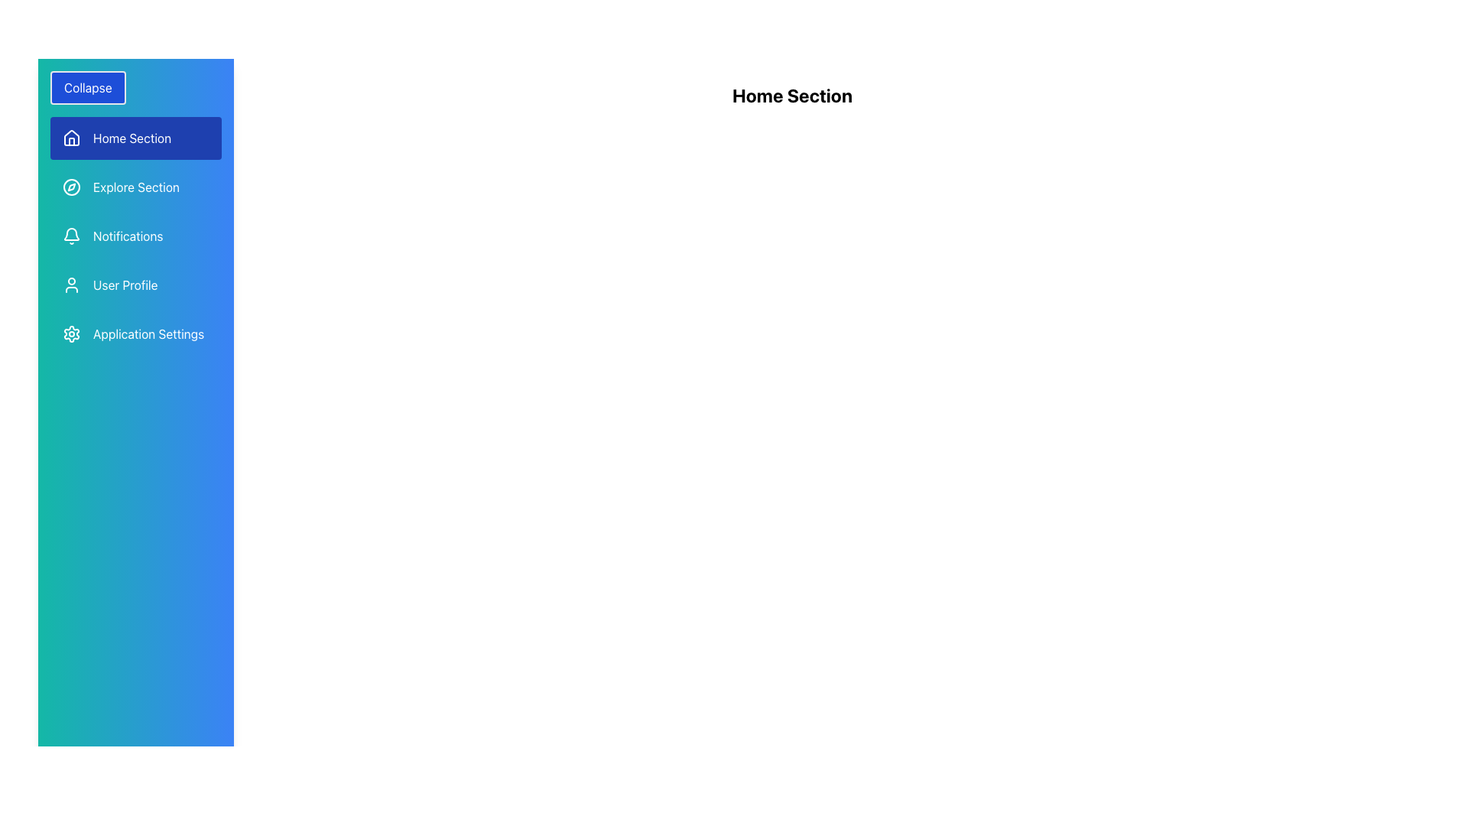 The height and width of the screenshot is (826, 1468). I want to click on the 'Notifications' button, which is a rectangular button with a bell icon and white text, located in the sidebar below 'Explore Section' and above 'User Profile', so click(135, 236).